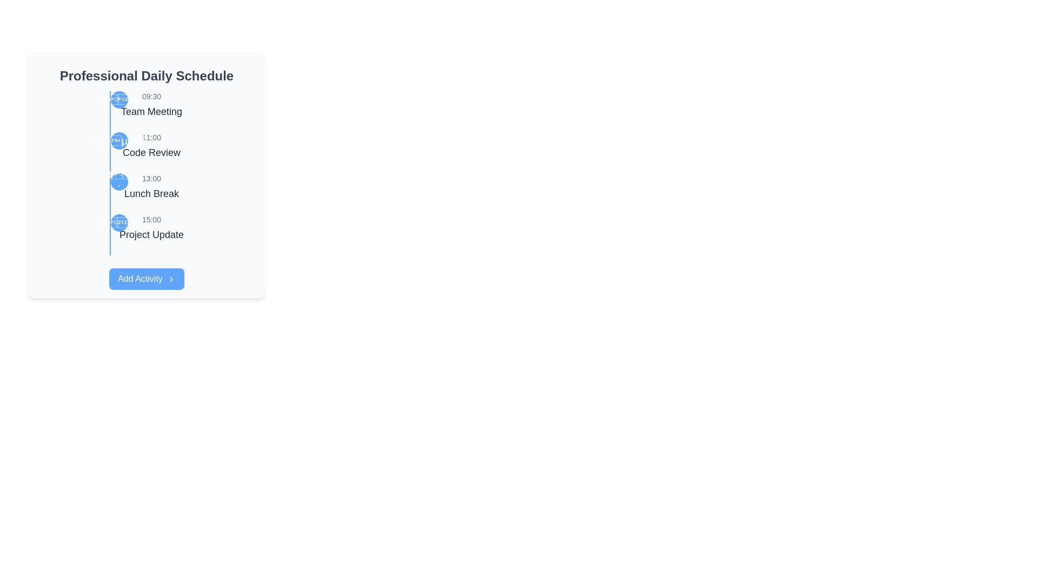  What do you see at coordinates (151, 193) in the screenshot?
I see `text label indicating the name or title of the activity scheduled for 13:00 in the Professional Daily Schedule panel, which is centrally aligned with the third timeline event` at bounding box center [151, 193].